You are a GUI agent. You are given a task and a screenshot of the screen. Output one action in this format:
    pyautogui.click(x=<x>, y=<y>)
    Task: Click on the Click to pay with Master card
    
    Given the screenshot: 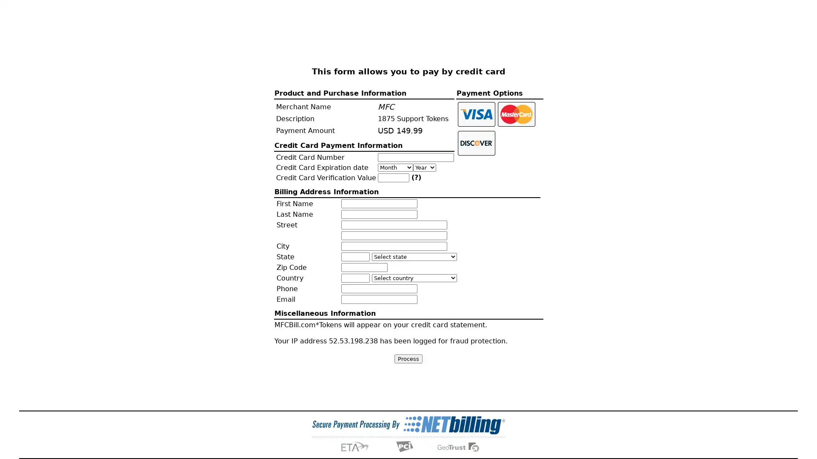 What is the action you would take?
    pyautogui.click(x=516, y=114)
    